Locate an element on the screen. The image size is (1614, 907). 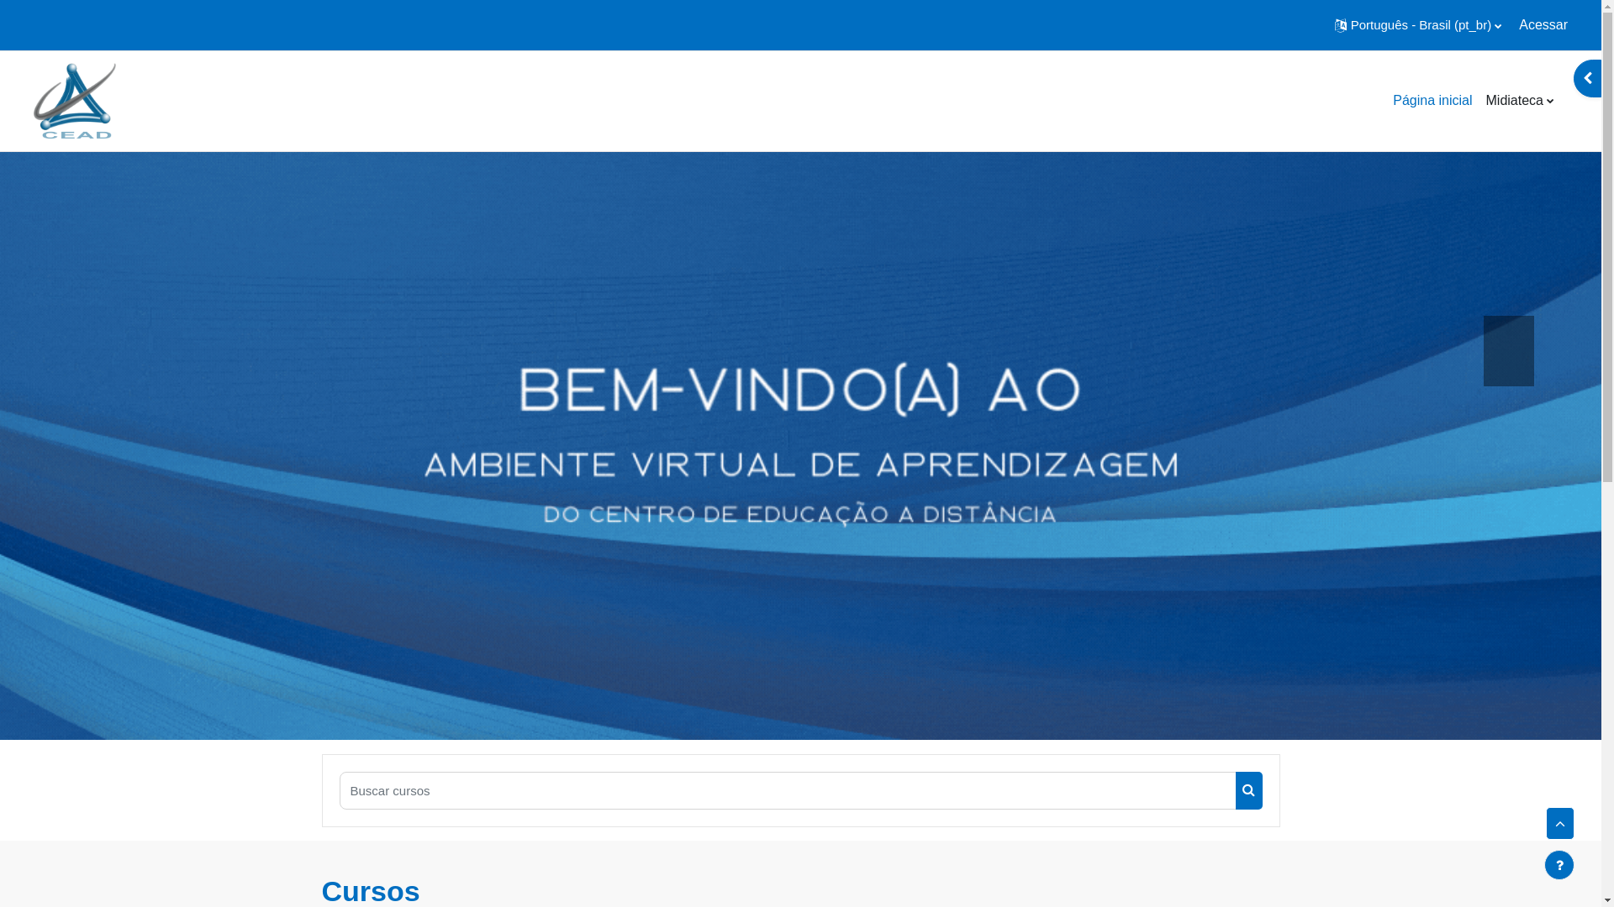
'Acessar' is located at coordinates (1518, 25).